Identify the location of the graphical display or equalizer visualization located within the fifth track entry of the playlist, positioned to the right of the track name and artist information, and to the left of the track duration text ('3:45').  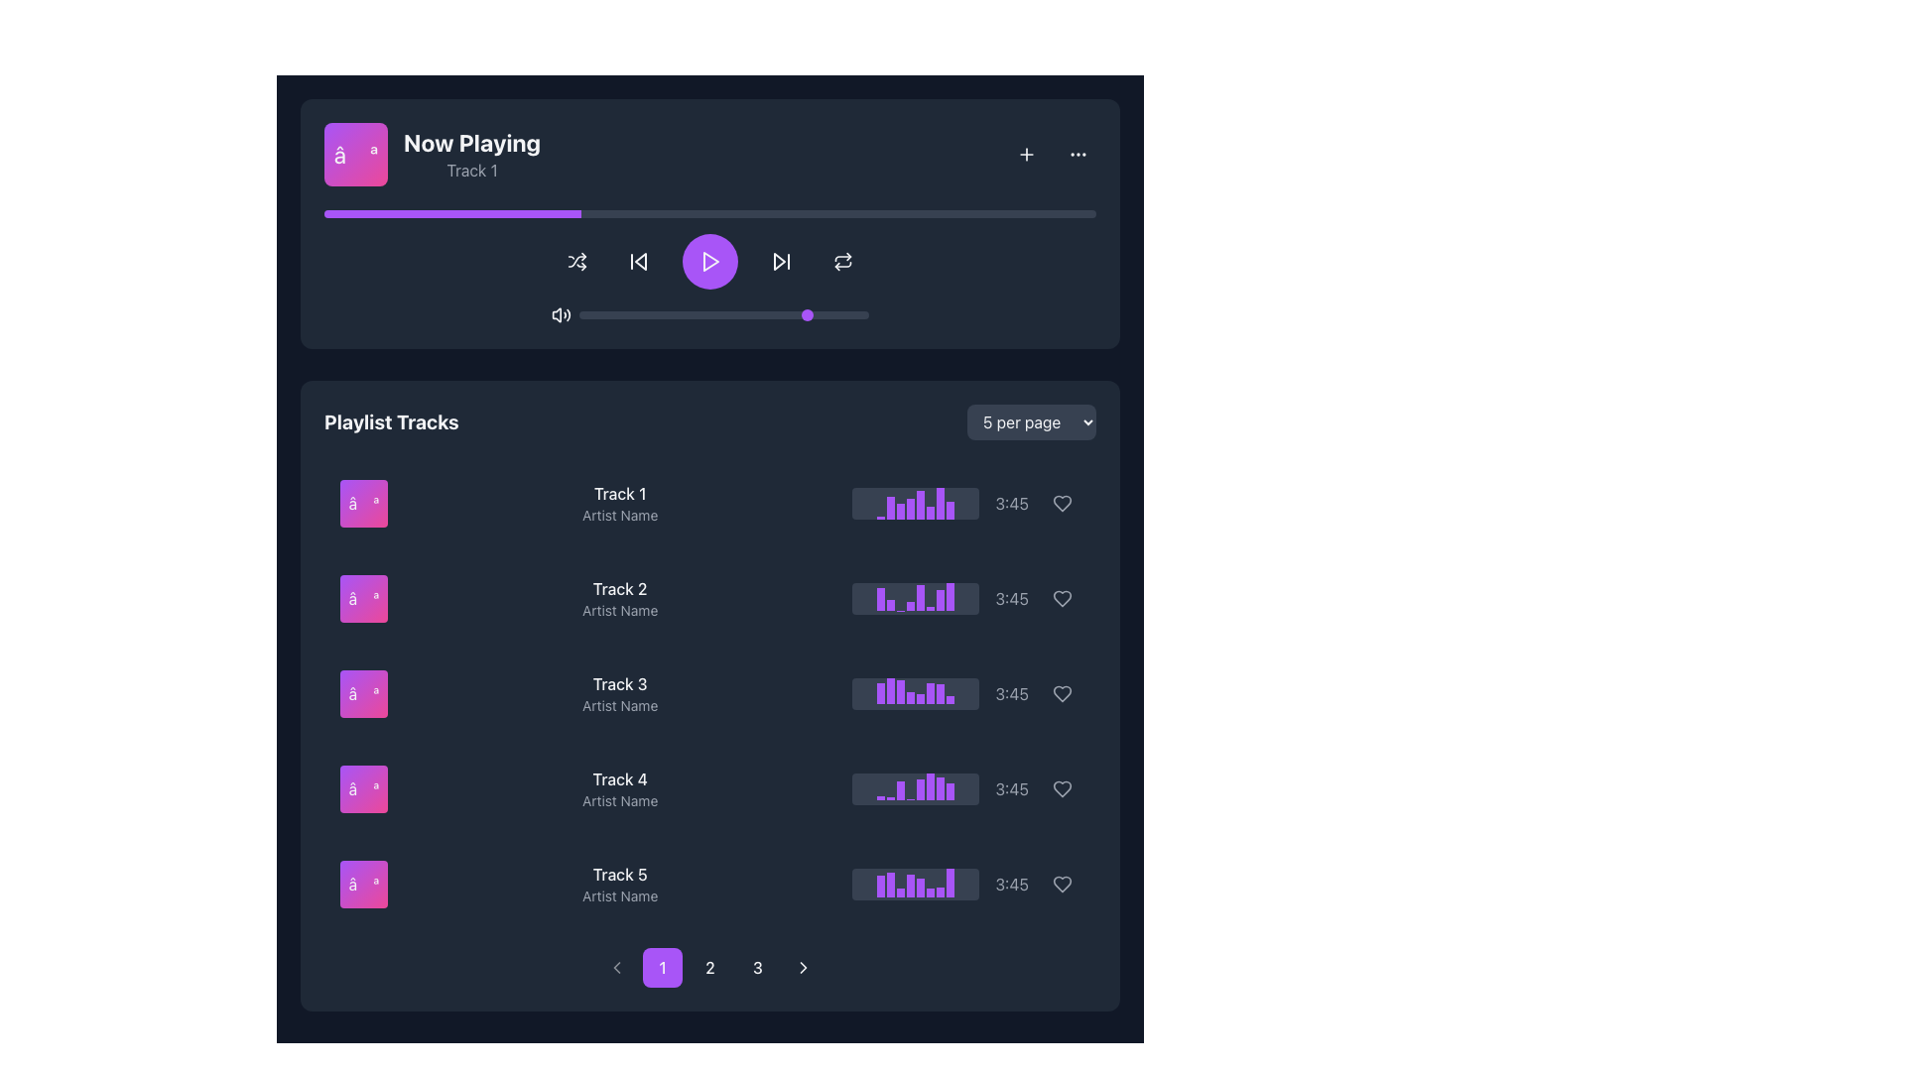
(915, 883).